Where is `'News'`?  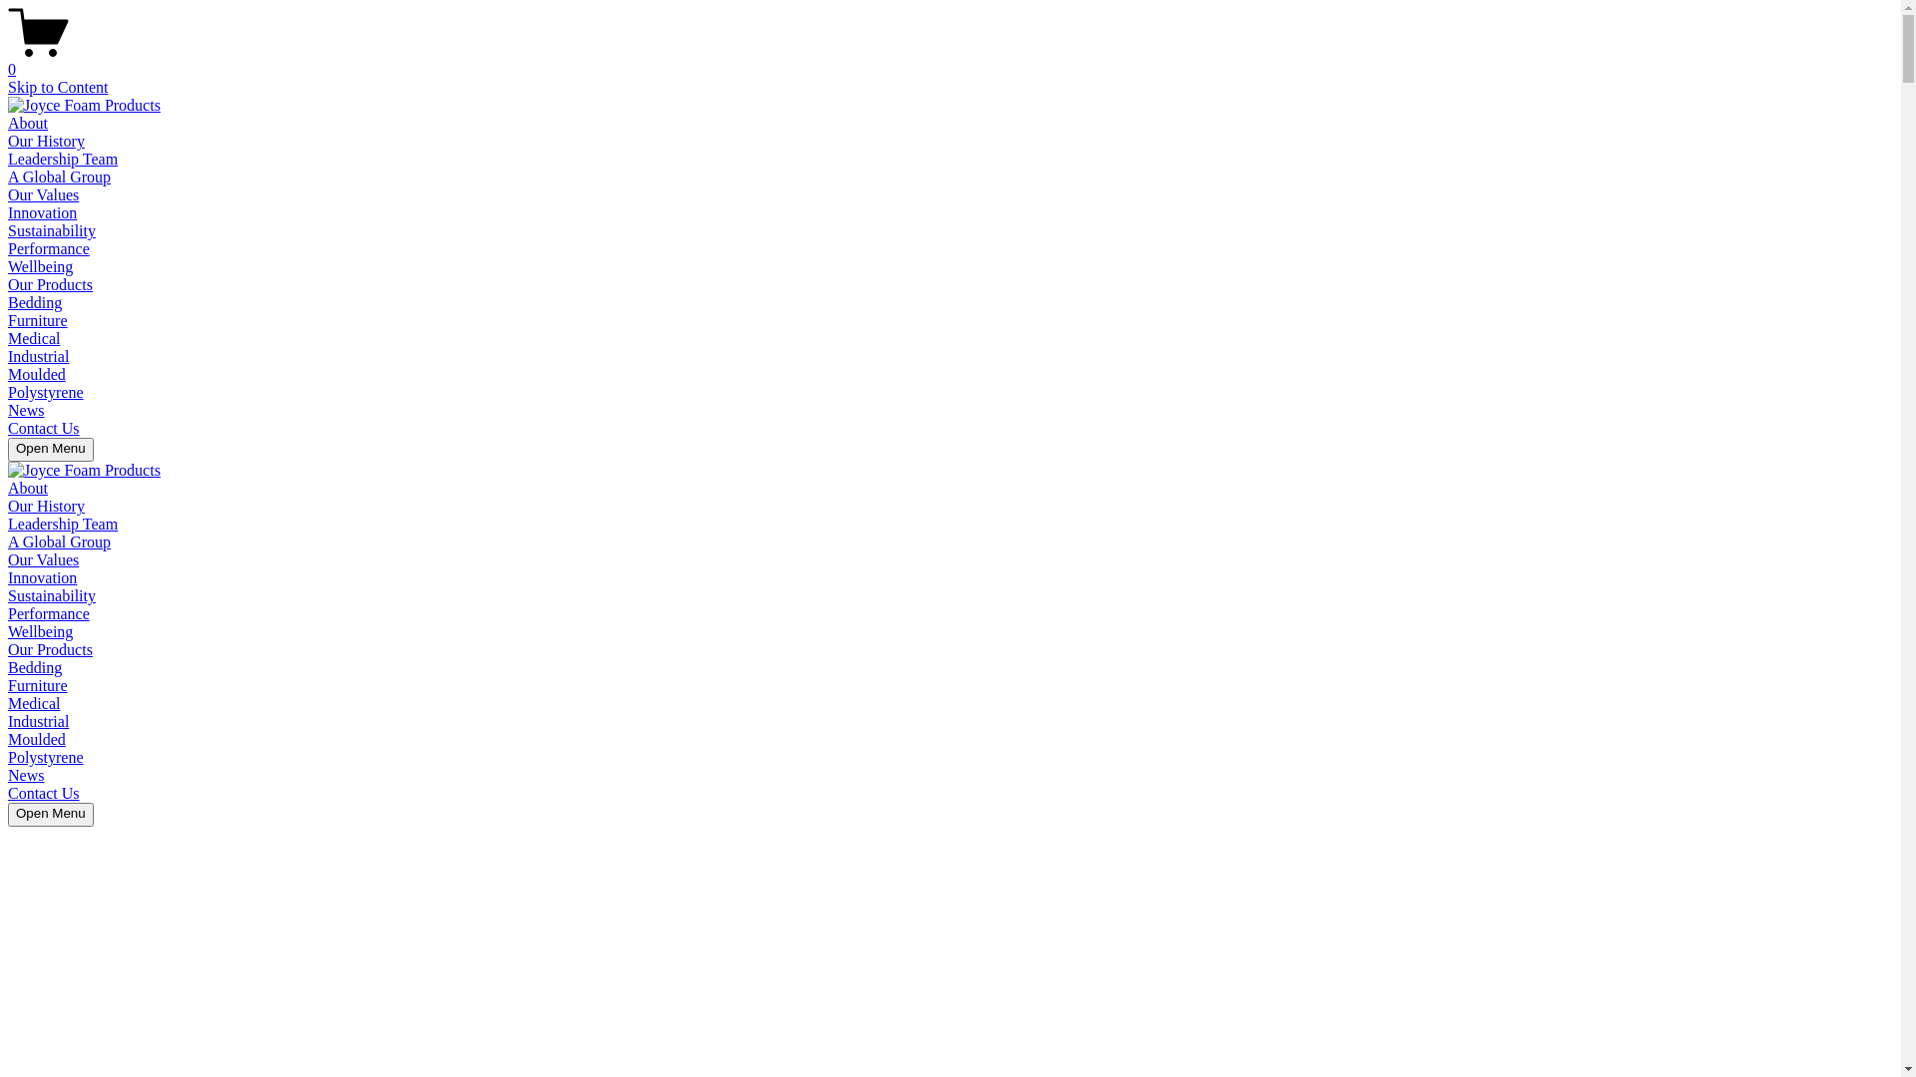
'News' is located at coordinates (25, 774).